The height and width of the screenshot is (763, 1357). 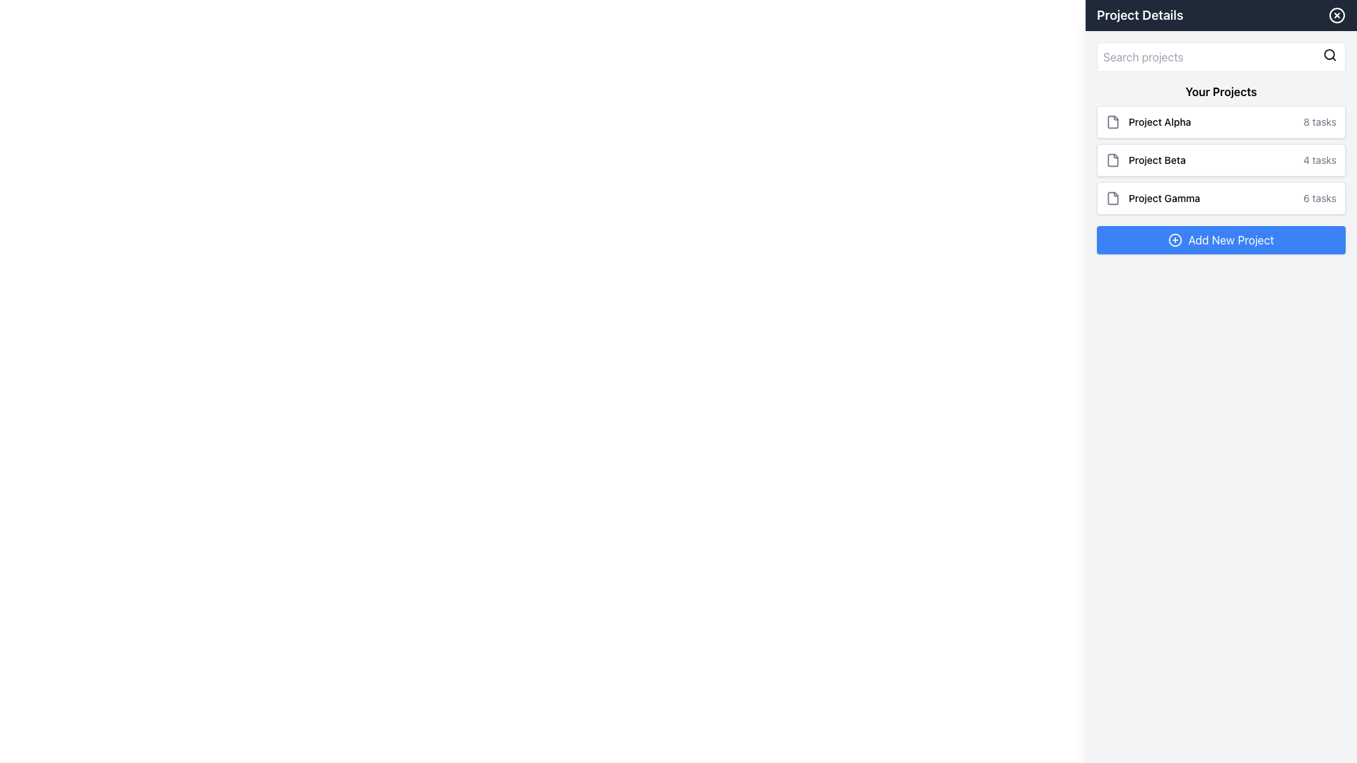 What do you see at coordinates (1112, 199) in the screenshot?
I see `the file icon representing 'Project Gamma' in the sidebar, which is a small line-drawn document outline located to the left of the project's name` at bounding box center [1112, 199].